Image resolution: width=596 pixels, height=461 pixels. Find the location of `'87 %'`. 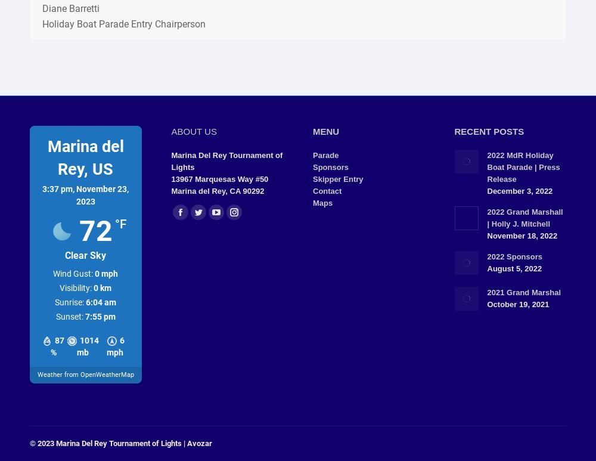

'87 %' is located at coordinates (57, 346).